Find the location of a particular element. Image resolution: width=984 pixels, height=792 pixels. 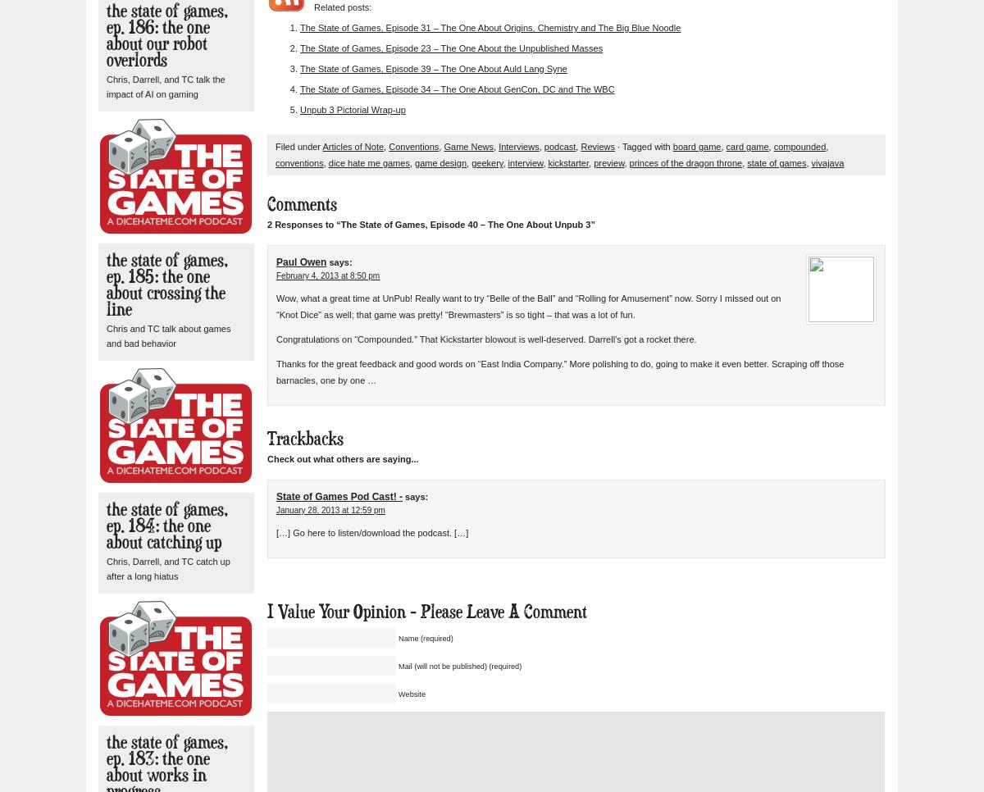

'[…] Go here to listen/download the podcast. […]' is located at coordinates (371, 532).